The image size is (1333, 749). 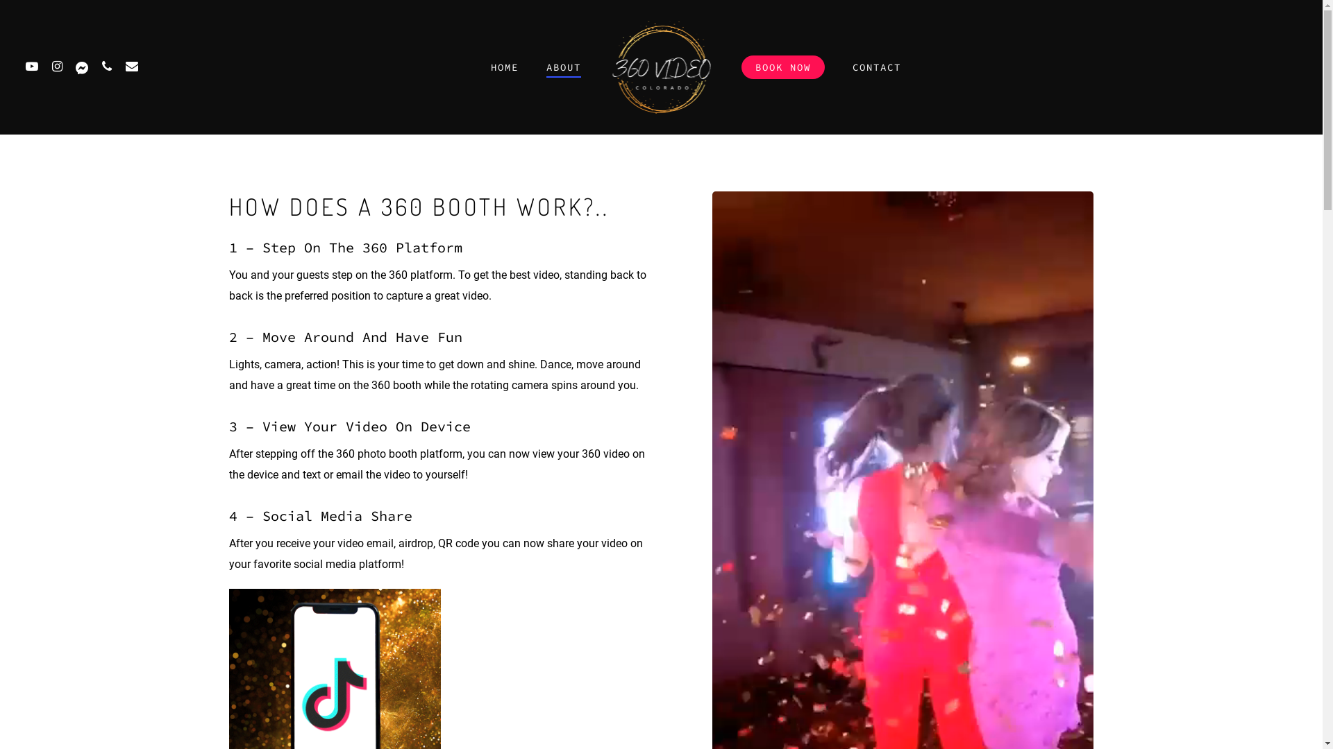 I want to click on 'CONTACT', so click(x=875, y=67).